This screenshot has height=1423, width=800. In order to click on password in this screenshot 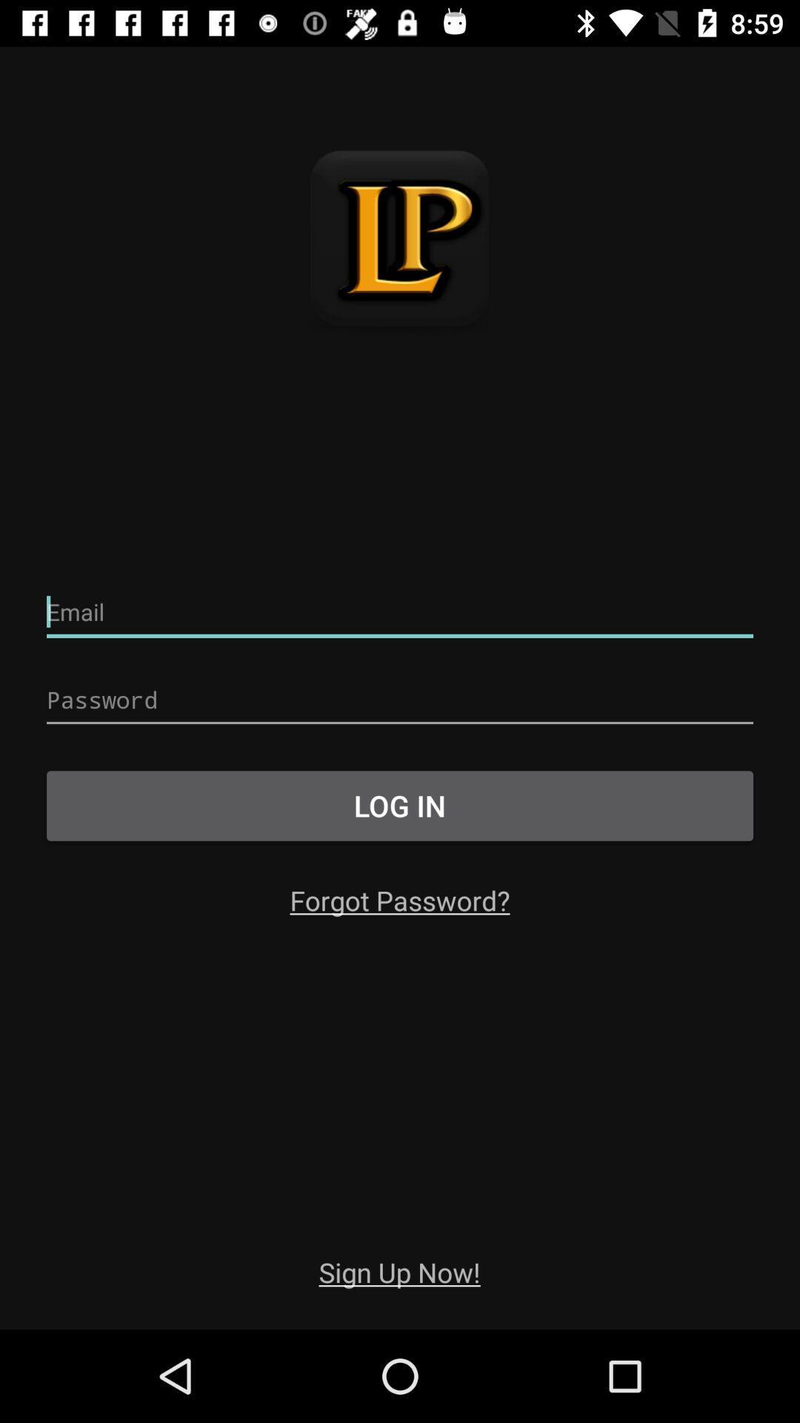, I will do `click(400, 700)`.